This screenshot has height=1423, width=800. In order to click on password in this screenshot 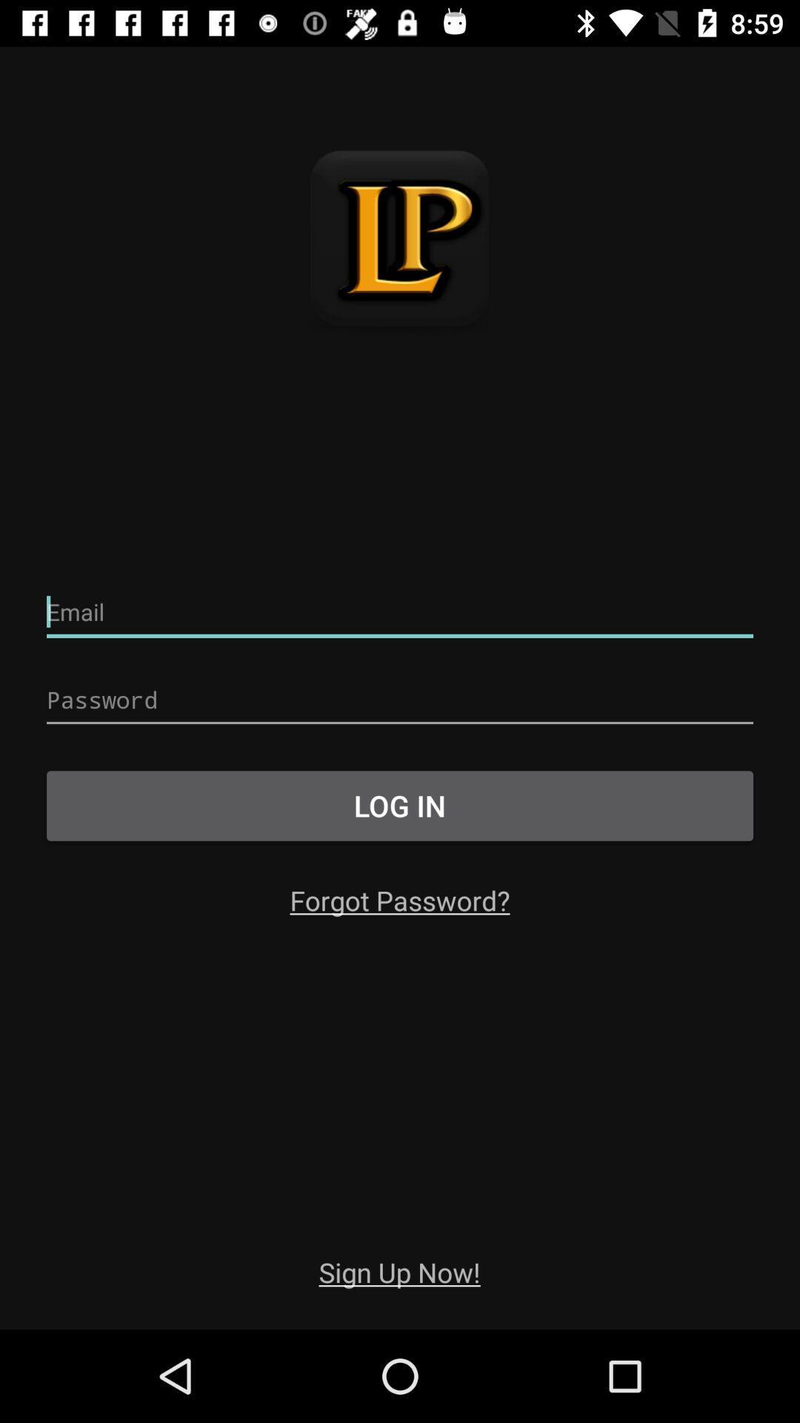, I will do `click(400, 700)`.